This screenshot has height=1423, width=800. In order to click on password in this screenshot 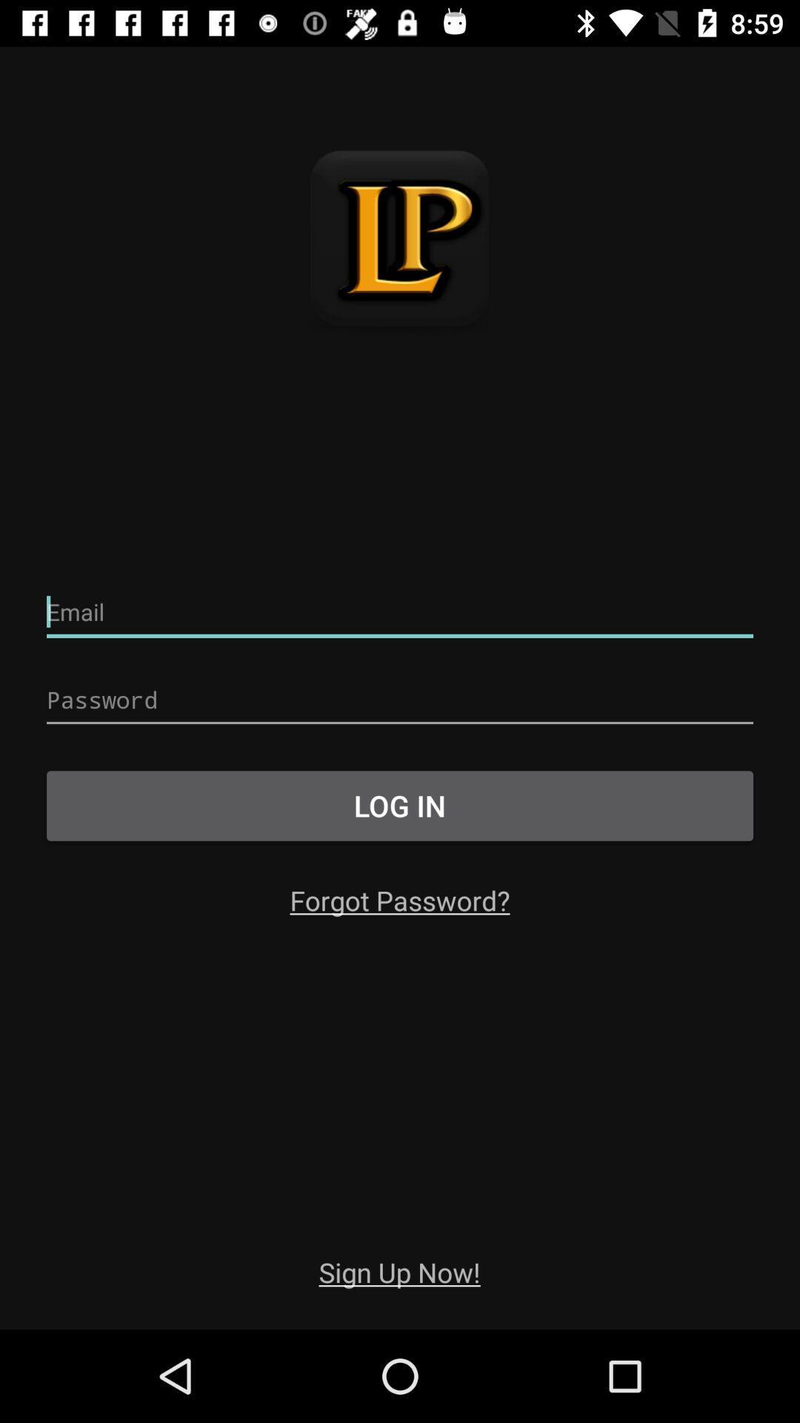, I will do `click(400, 700)`.